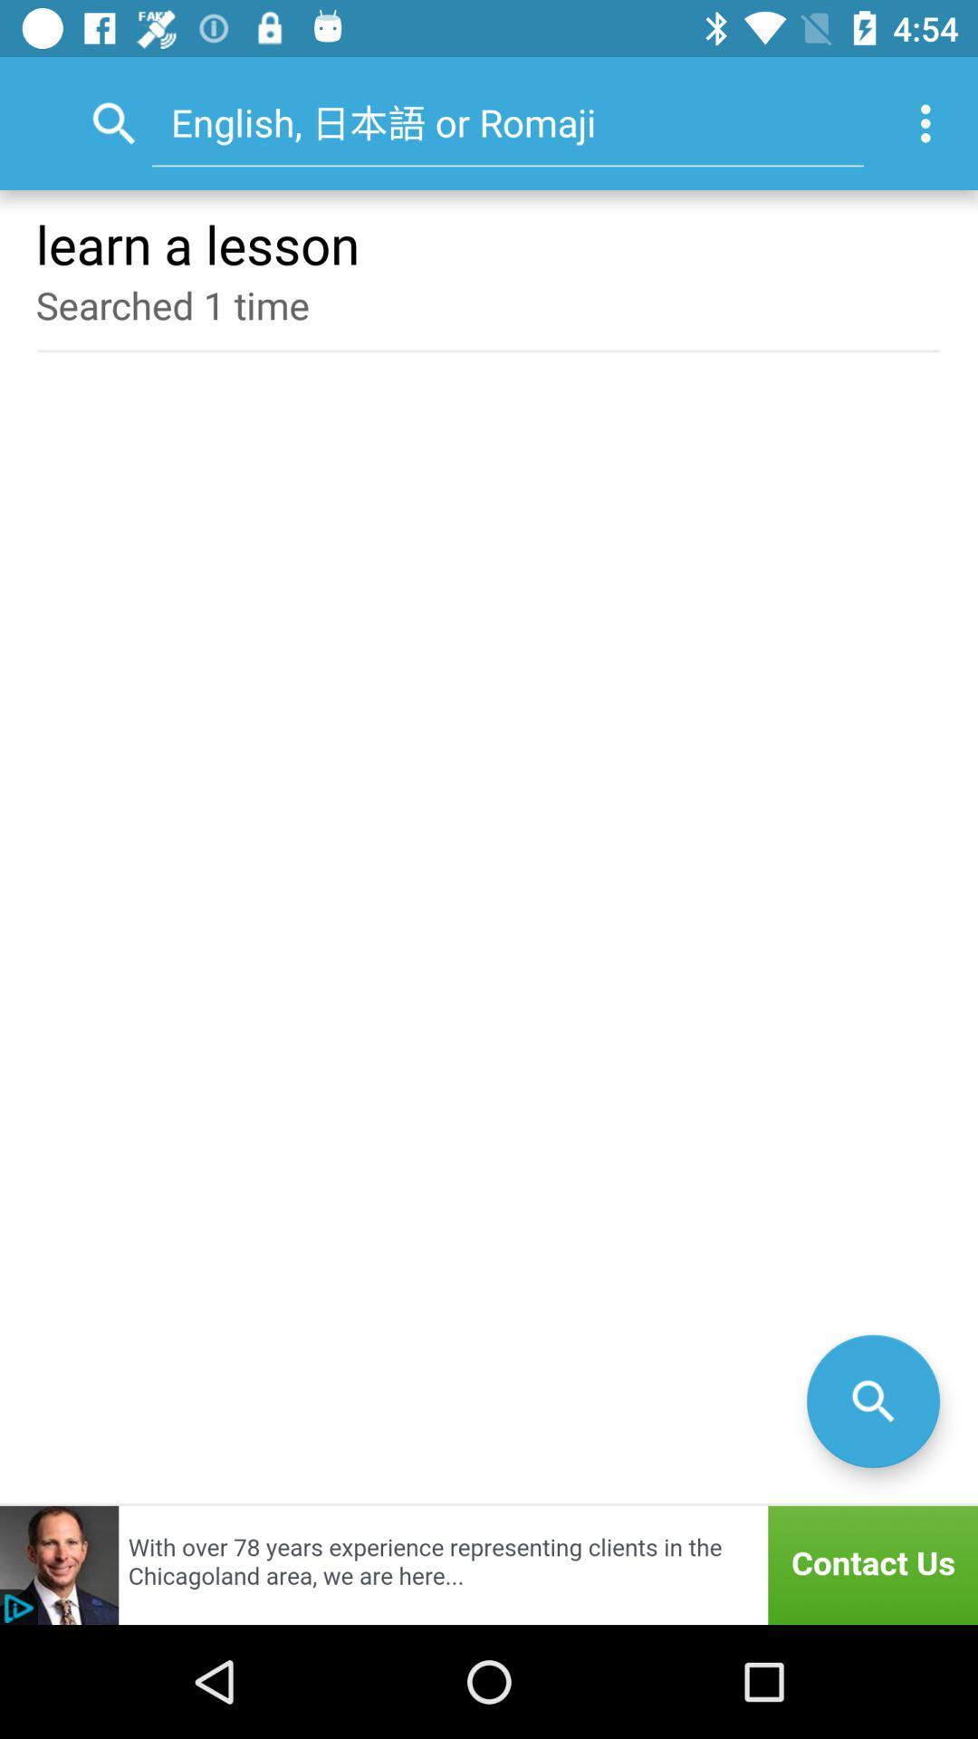 This screenshot has width=978, height=1739. I want to click on open link, so click(489, 1564).